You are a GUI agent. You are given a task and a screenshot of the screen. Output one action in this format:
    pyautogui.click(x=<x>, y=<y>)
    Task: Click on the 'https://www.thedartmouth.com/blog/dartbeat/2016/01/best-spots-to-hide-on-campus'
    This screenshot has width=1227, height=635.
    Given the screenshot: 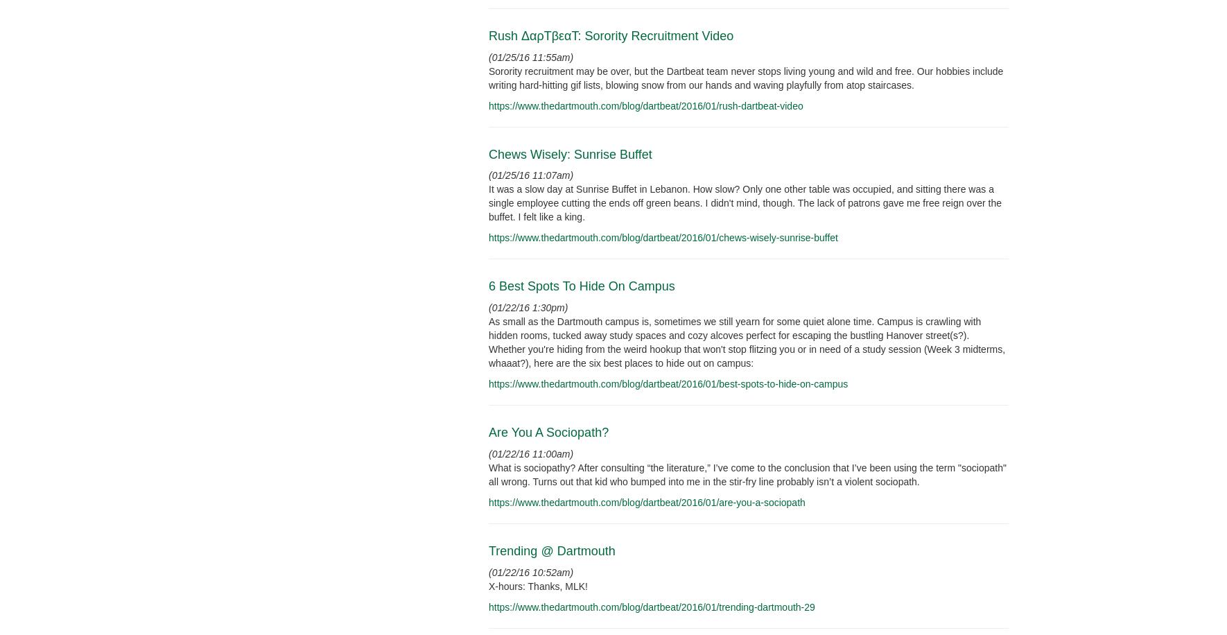 What is the action you would take?
    pyautogui.click(x=667, y=383)
    